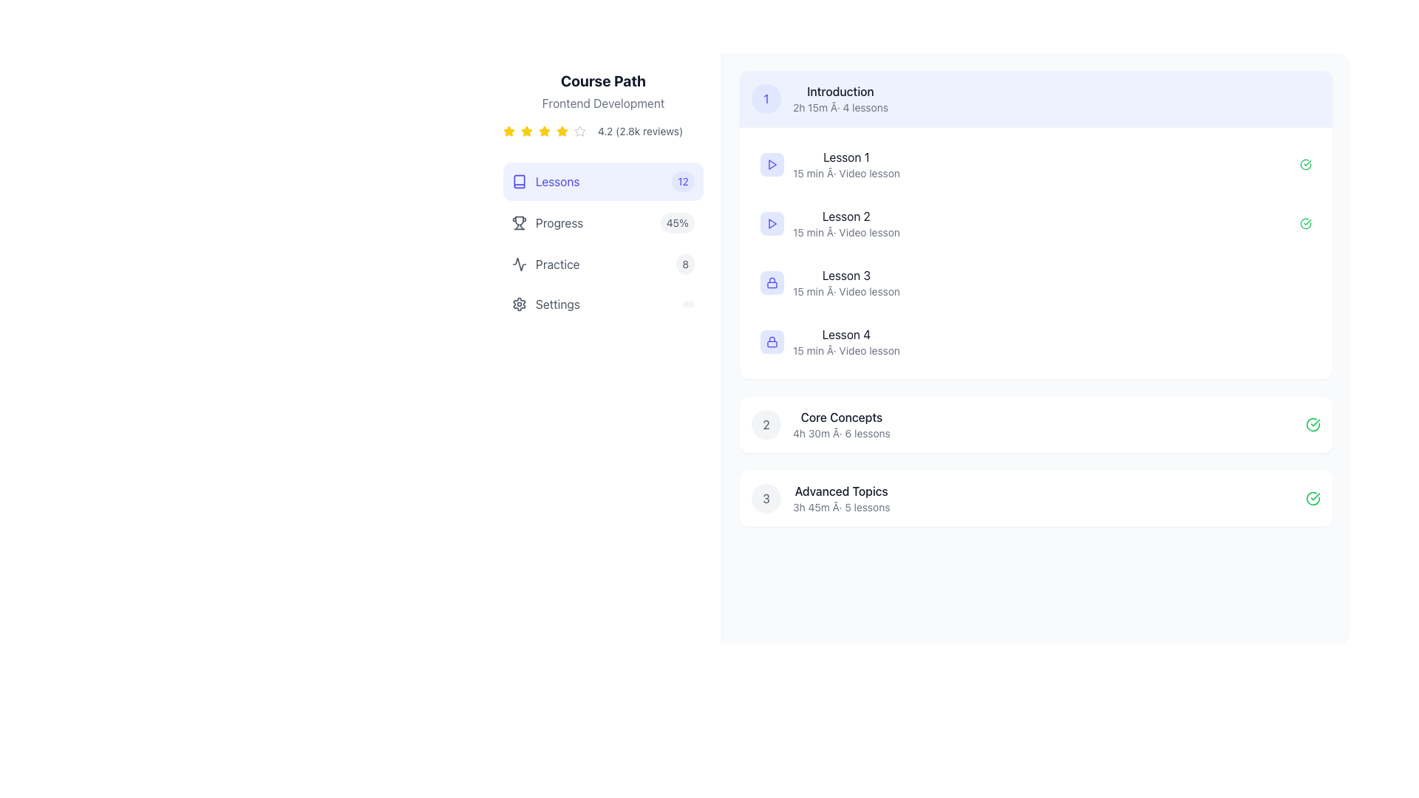 The width and height of the screenshot is (1419, 798). I want to click on the status icon located at the rightmost side of the row representing the 'Advanced Topics' section to indicate its completion or availability, so click(1313, 499).